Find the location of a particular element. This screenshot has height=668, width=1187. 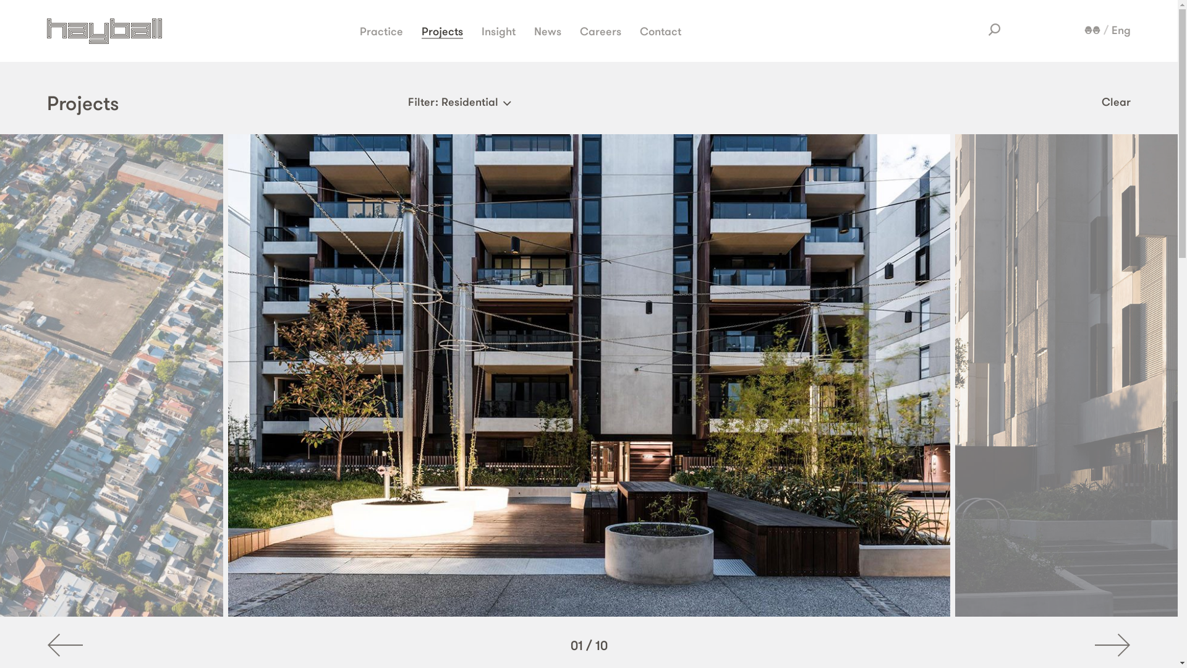

'Practice' is located at coordinates (359, 30).